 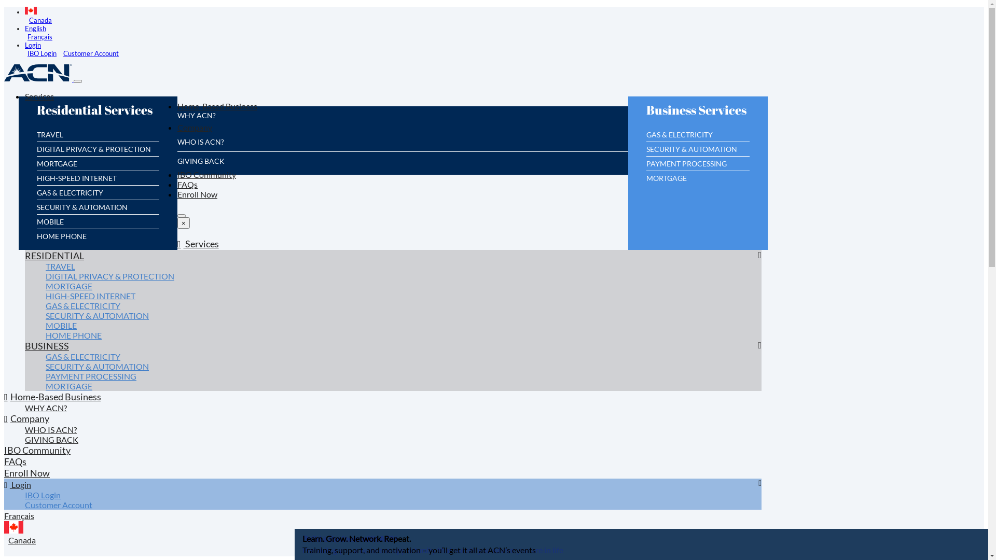 I want to click on 'Enroll Now', so click(x=197, y=198).